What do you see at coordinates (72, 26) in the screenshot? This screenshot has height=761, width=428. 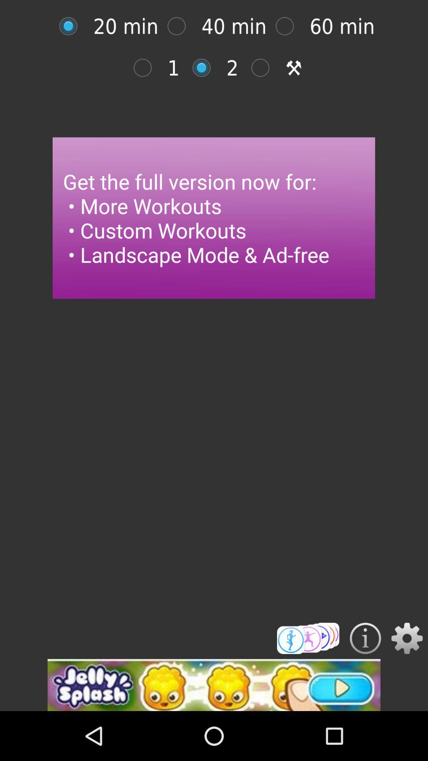 I see `20 min button` at bounding box center [72, 26].